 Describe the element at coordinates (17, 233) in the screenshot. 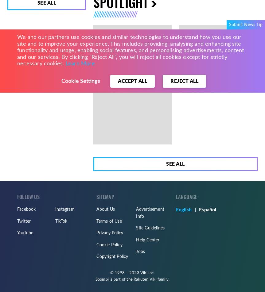

I see `'YouTube'` at that location.